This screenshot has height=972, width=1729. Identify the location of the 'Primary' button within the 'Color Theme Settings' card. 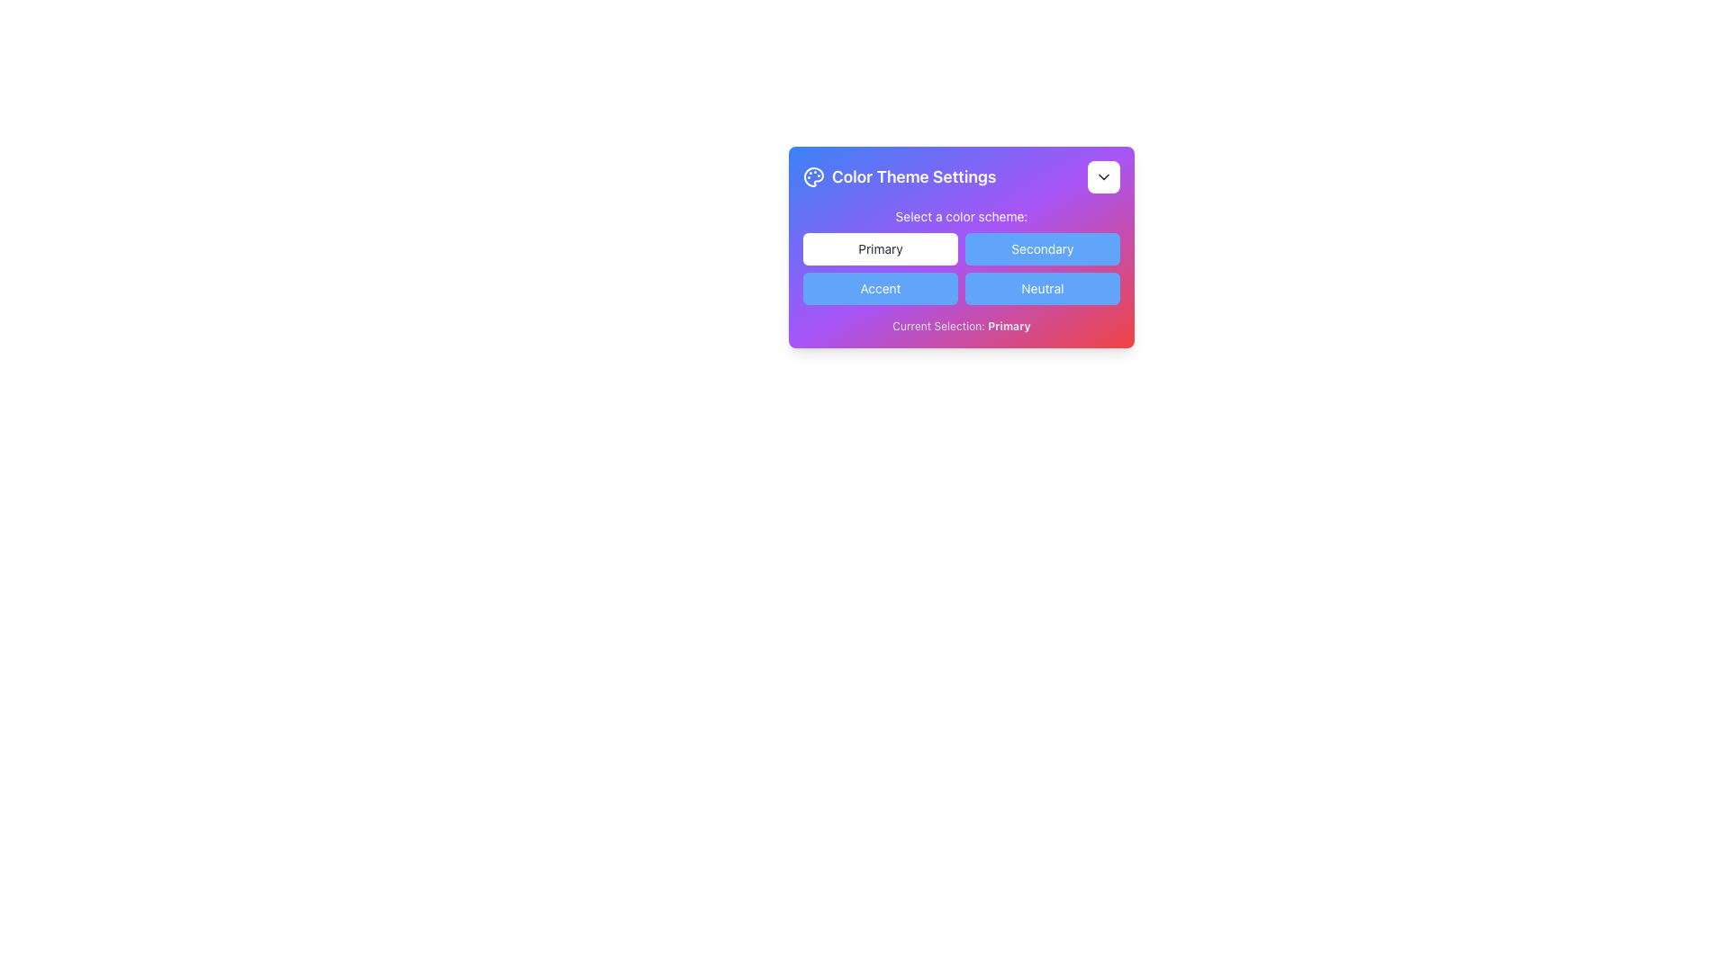
(961, 247).